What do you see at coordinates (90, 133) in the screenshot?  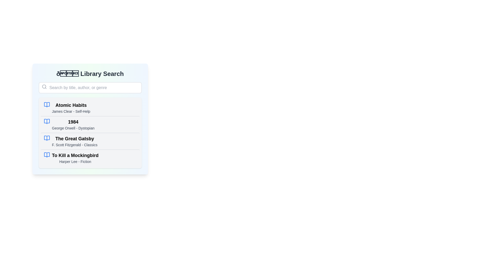 I see `an individual book title within the list view of books displayed in the content card group` at bounding box center [90, 133].